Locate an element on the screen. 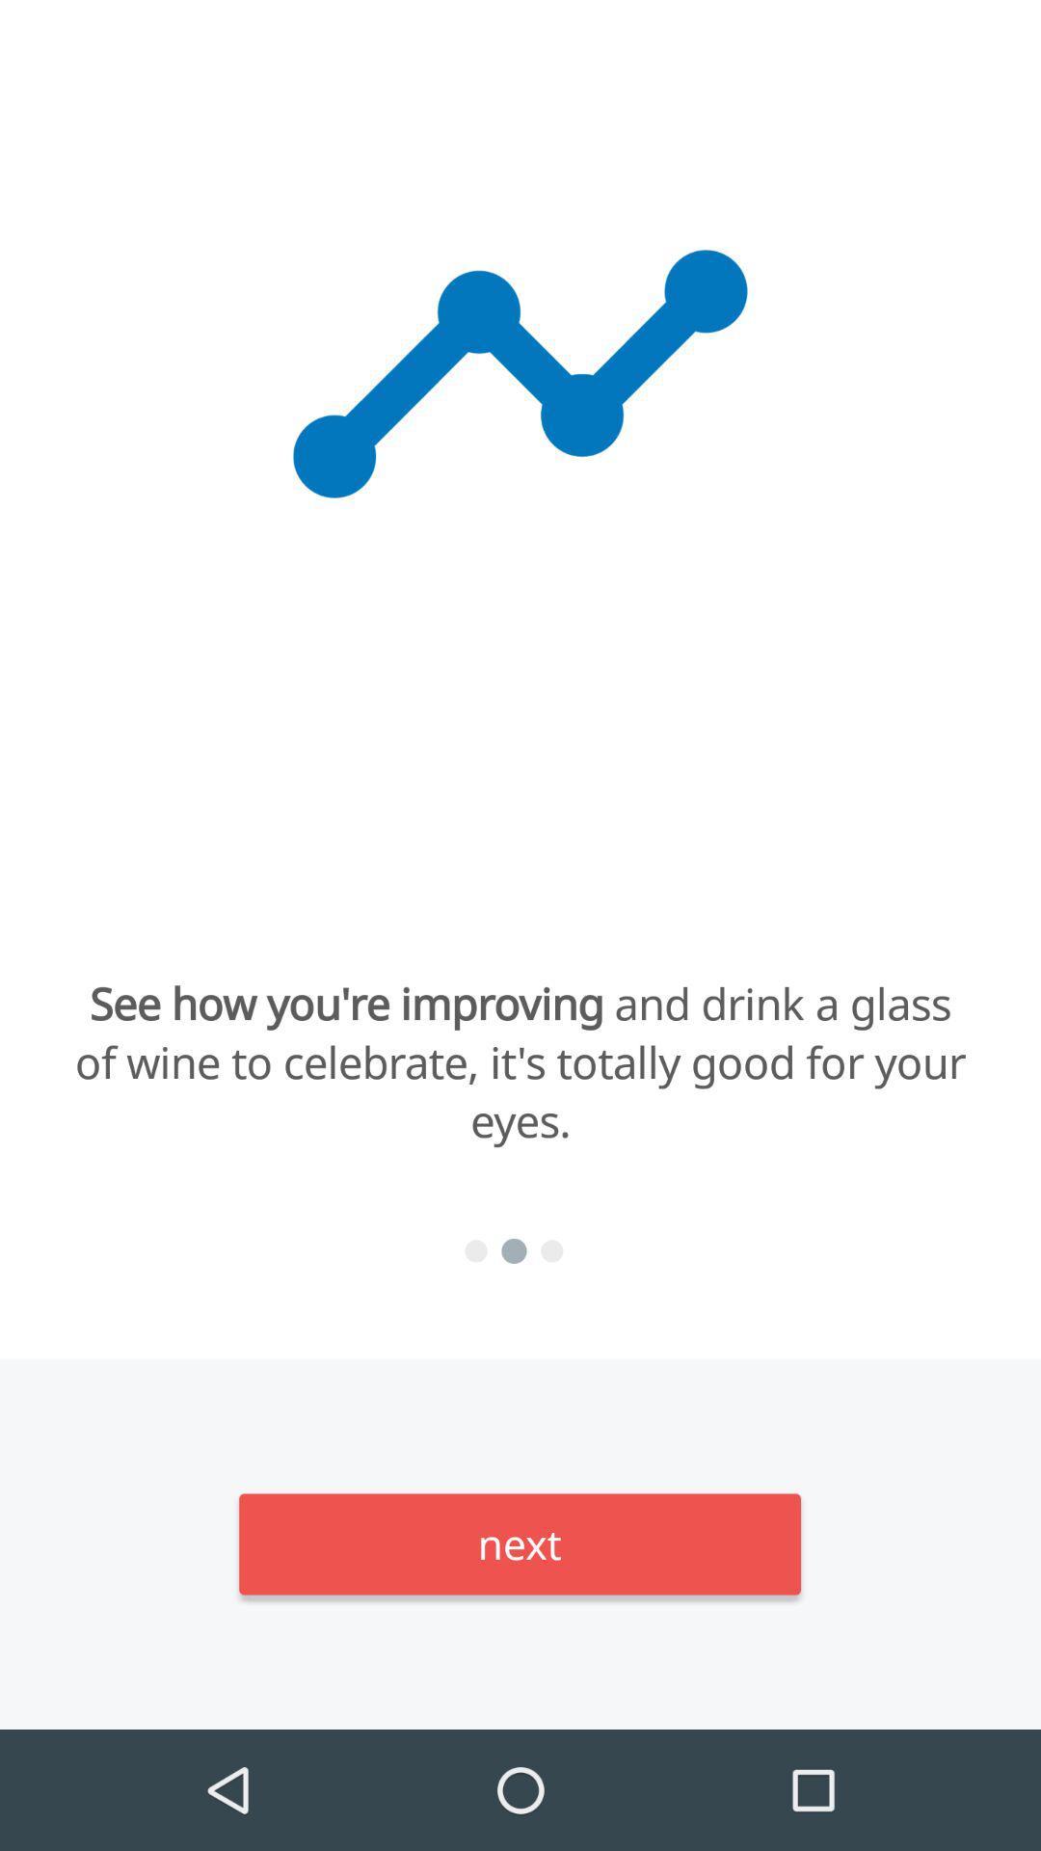  the next is located at coordinates (519, 1544).